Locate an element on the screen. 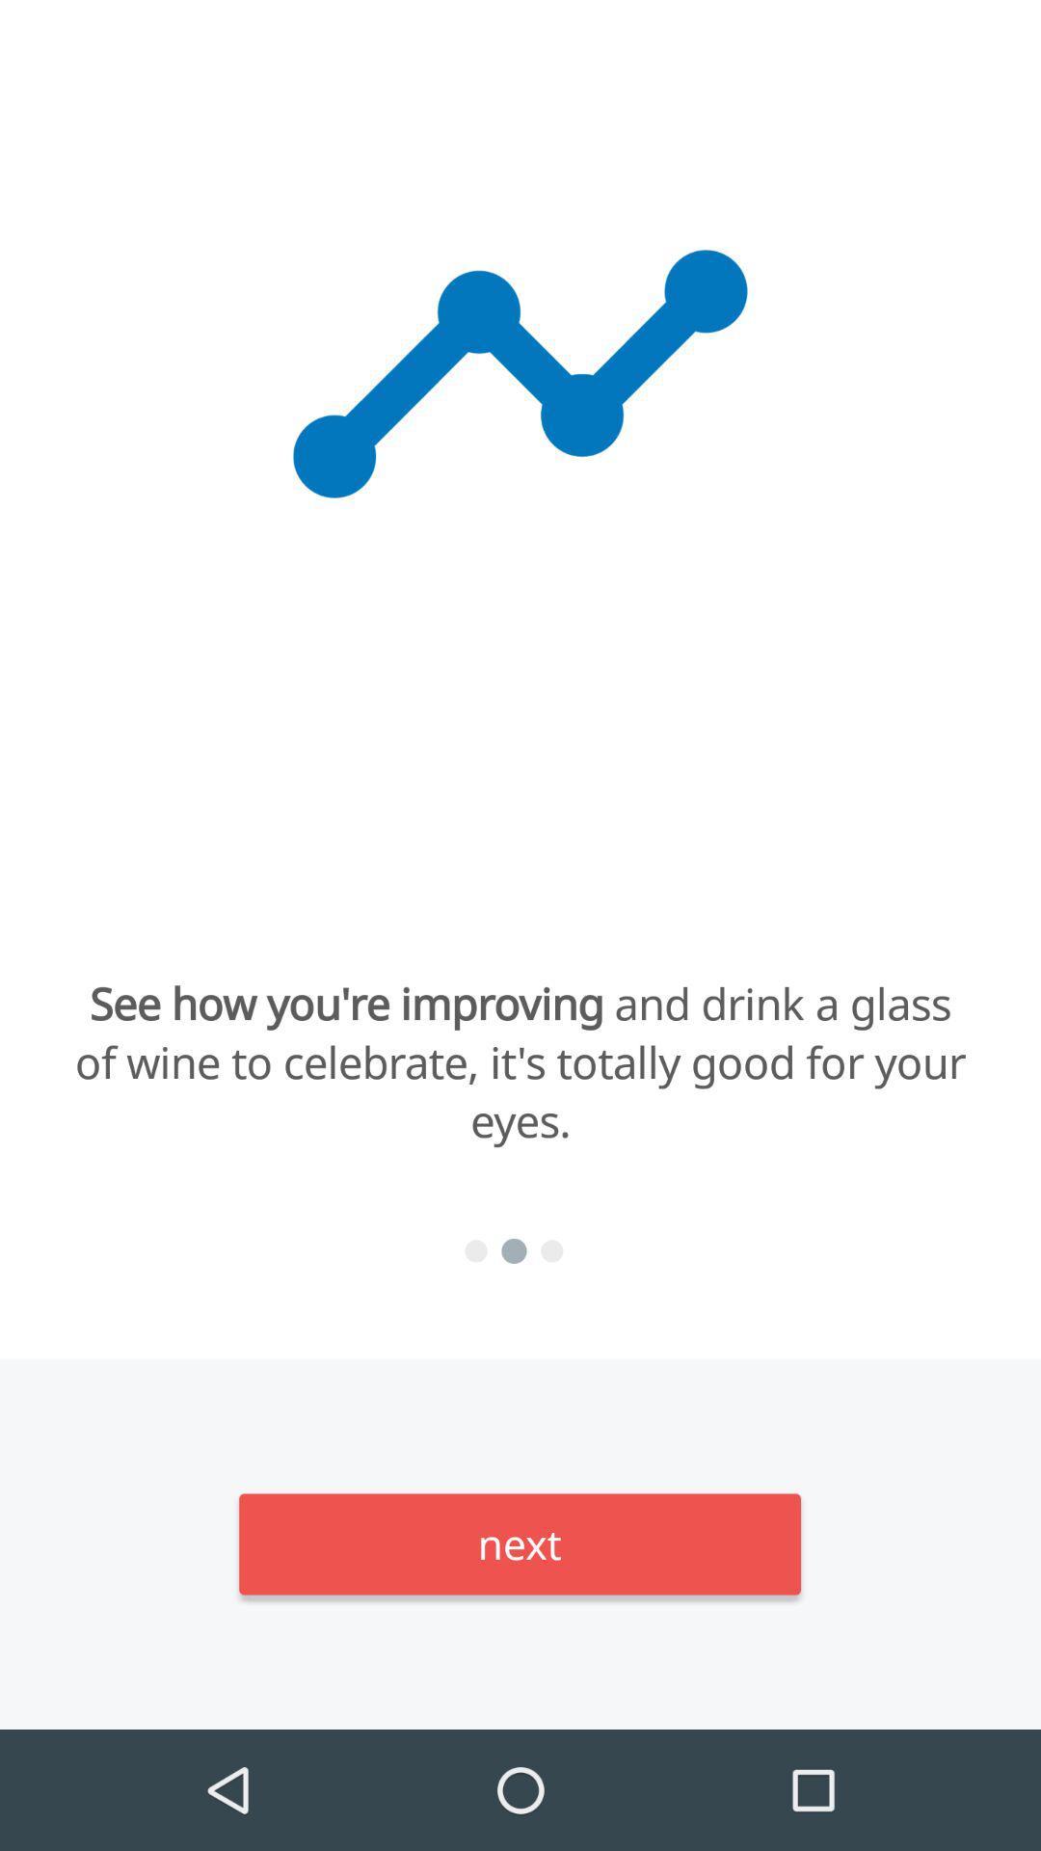  the next is located at coordinates (519, 1544).